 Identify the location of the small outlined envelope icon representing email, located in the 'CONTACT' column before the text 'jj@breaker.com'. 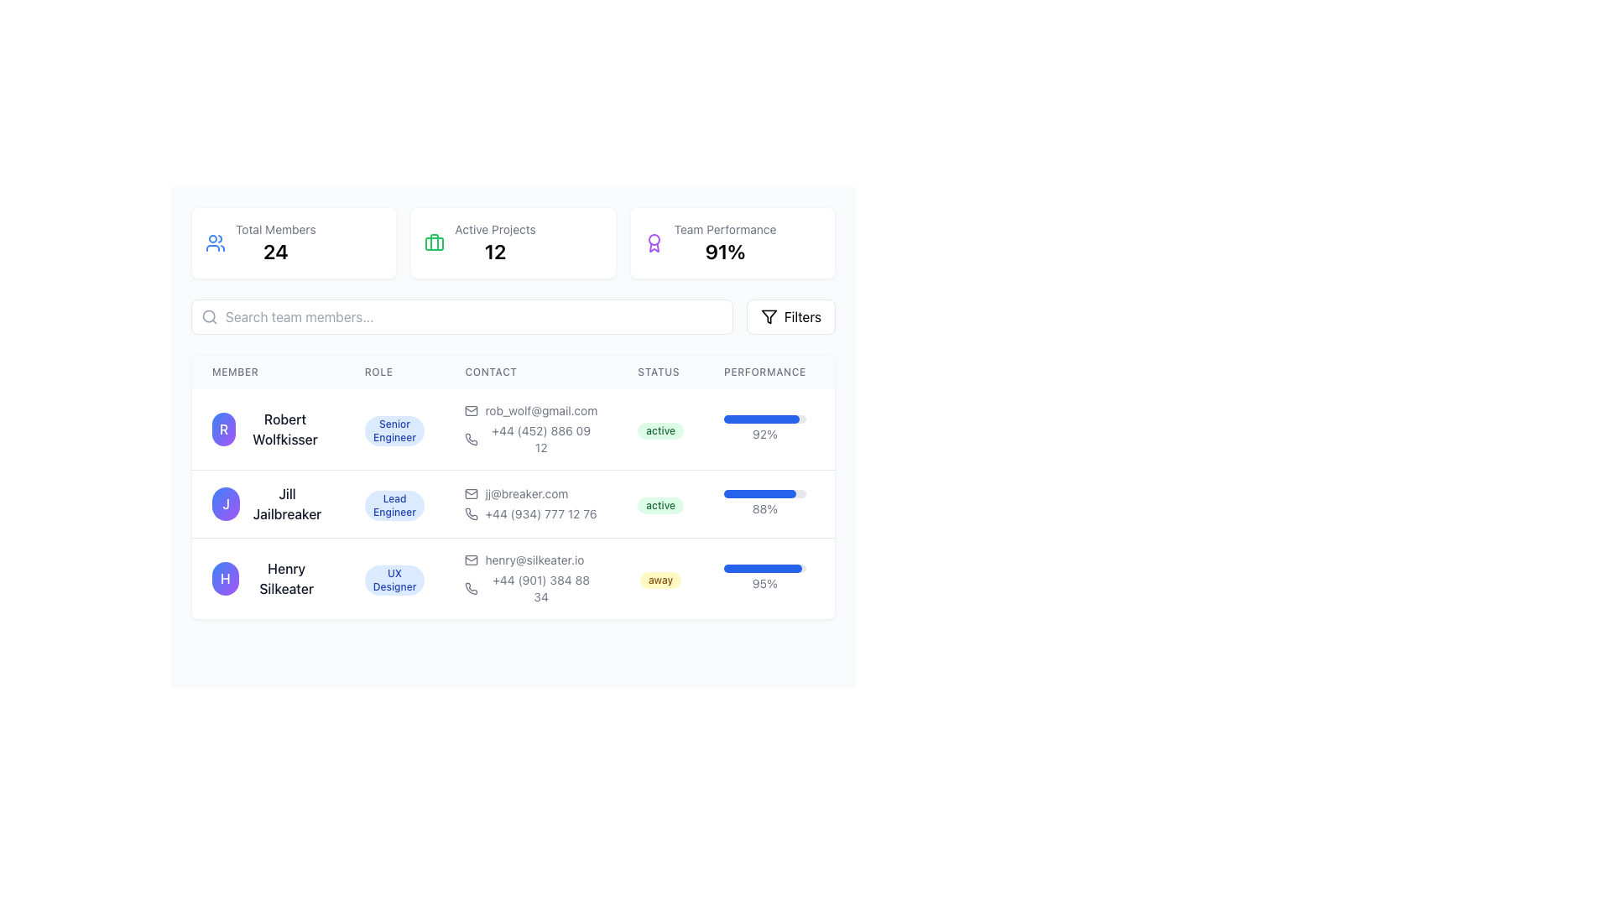
(471, 493).